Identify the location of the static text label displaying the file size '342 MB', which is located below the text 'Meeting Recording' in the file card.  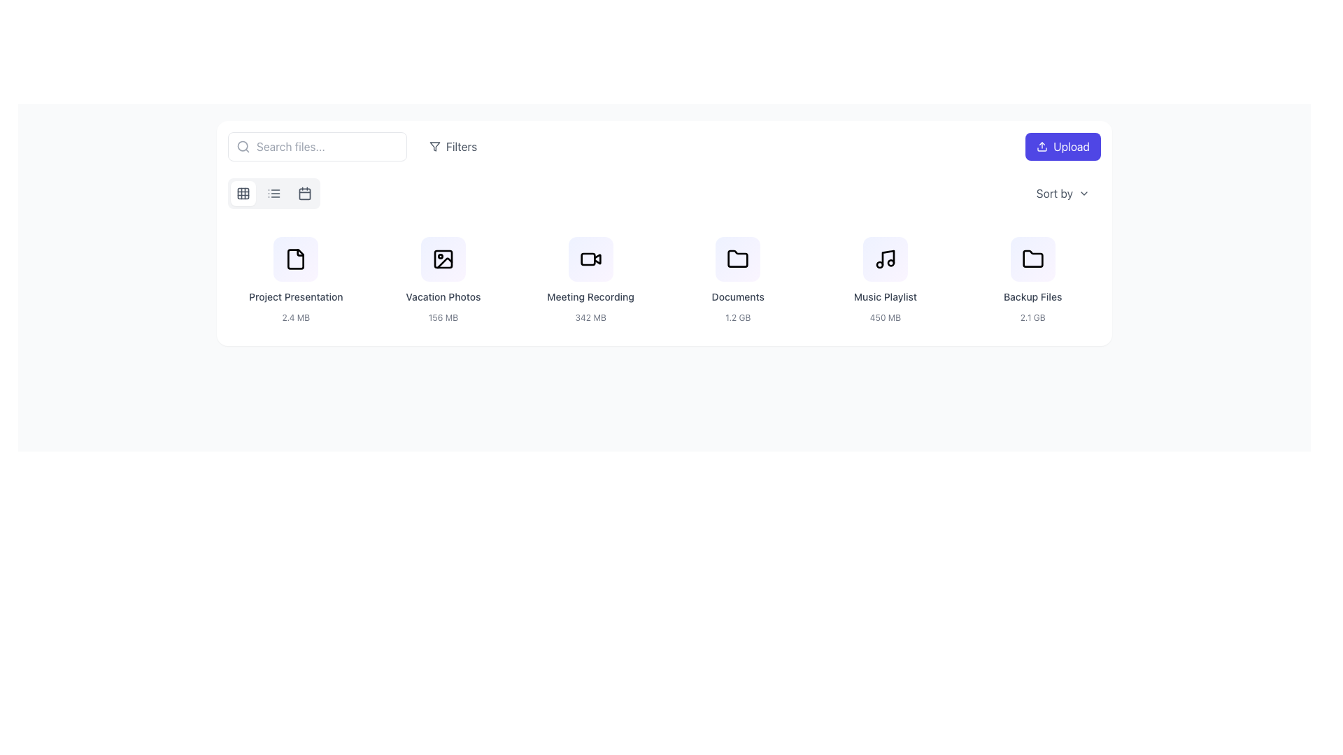
(590, 318).